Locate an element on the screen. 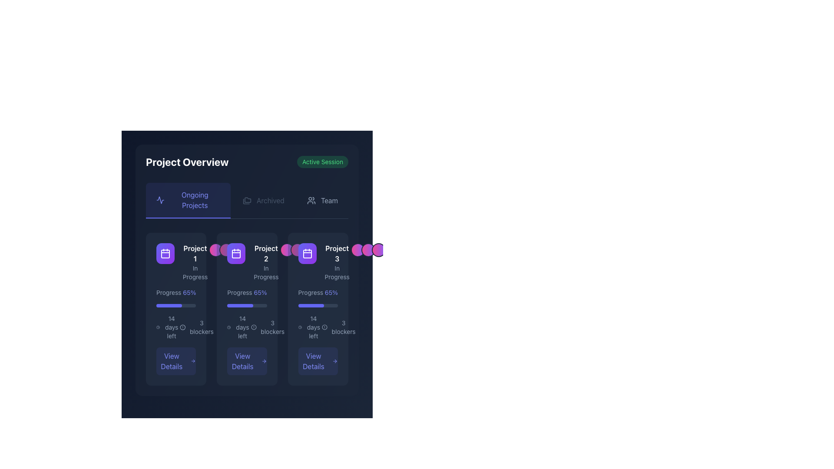 The image size is (834, 469). the text field displaying the number of blockers for 'Project 1', located to the right of '14 days left' is located at coordinates (201, 327).